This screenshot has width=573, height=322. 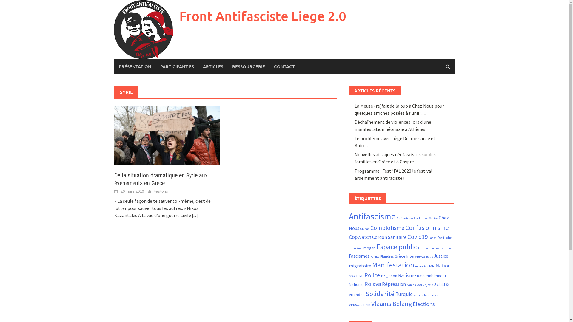 What do you see at coordinates (195, 215) in the screenshot?
I see `'[...]'` at bounding box center [195, 215].